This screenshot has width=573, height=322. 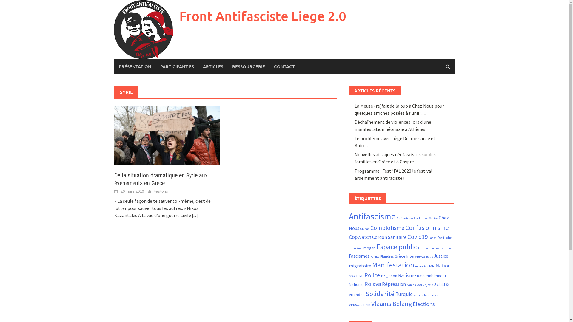 What do you see at coordinates (195, 215) in the screenshot?
I see `'[...]'` at bounding box center [195, 215].